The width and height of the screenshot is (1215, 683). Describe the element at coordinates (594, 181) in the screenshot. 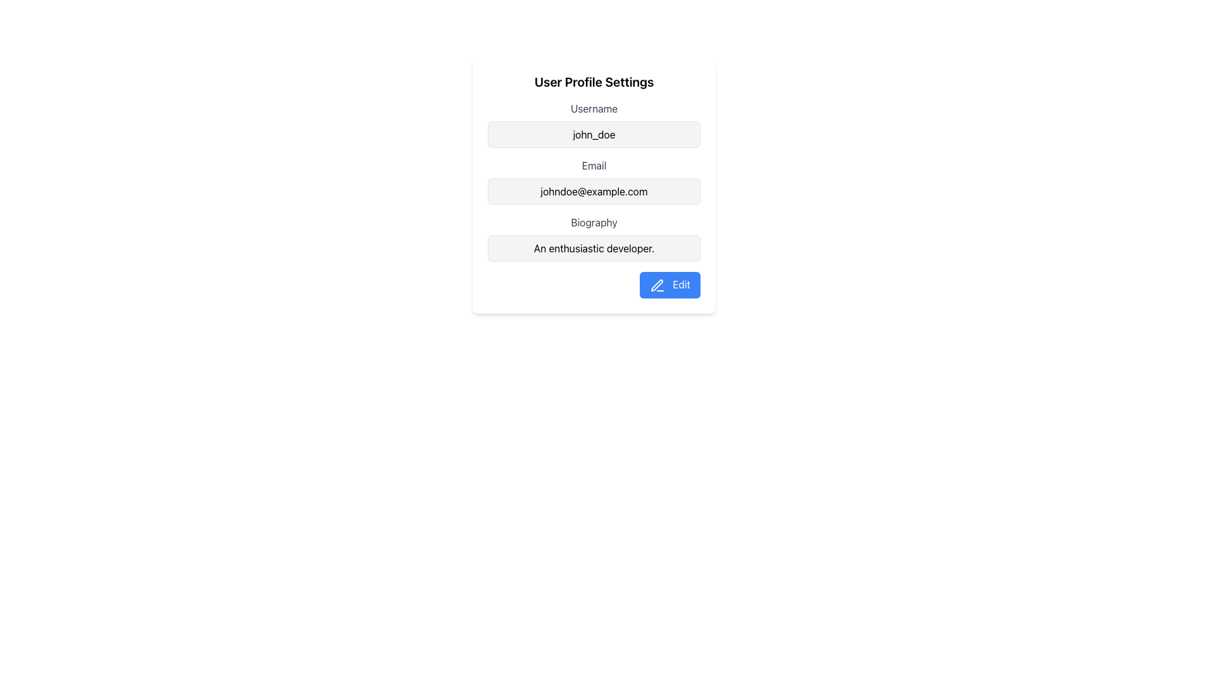

I see `the email input field labeled 'Email' in the 'User Profile Settings' section, which is the second input field below 'Username' and above 'Biography'` at that location.